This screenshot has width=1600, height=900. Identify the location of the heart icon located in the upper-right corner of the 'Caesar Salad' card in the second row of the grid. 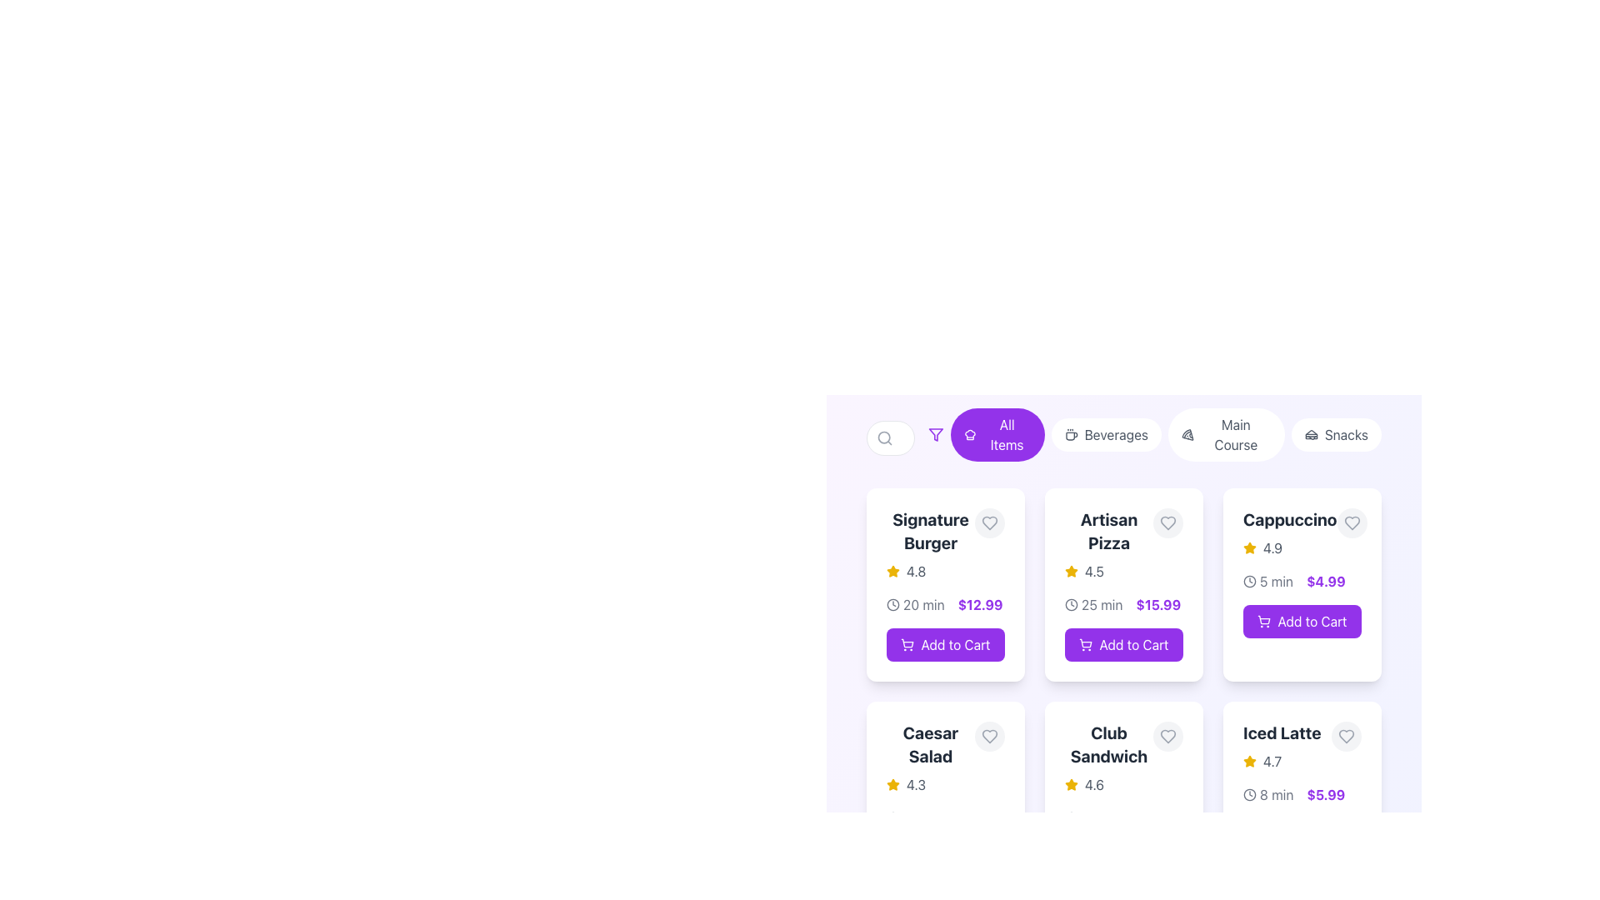
(990, 735).